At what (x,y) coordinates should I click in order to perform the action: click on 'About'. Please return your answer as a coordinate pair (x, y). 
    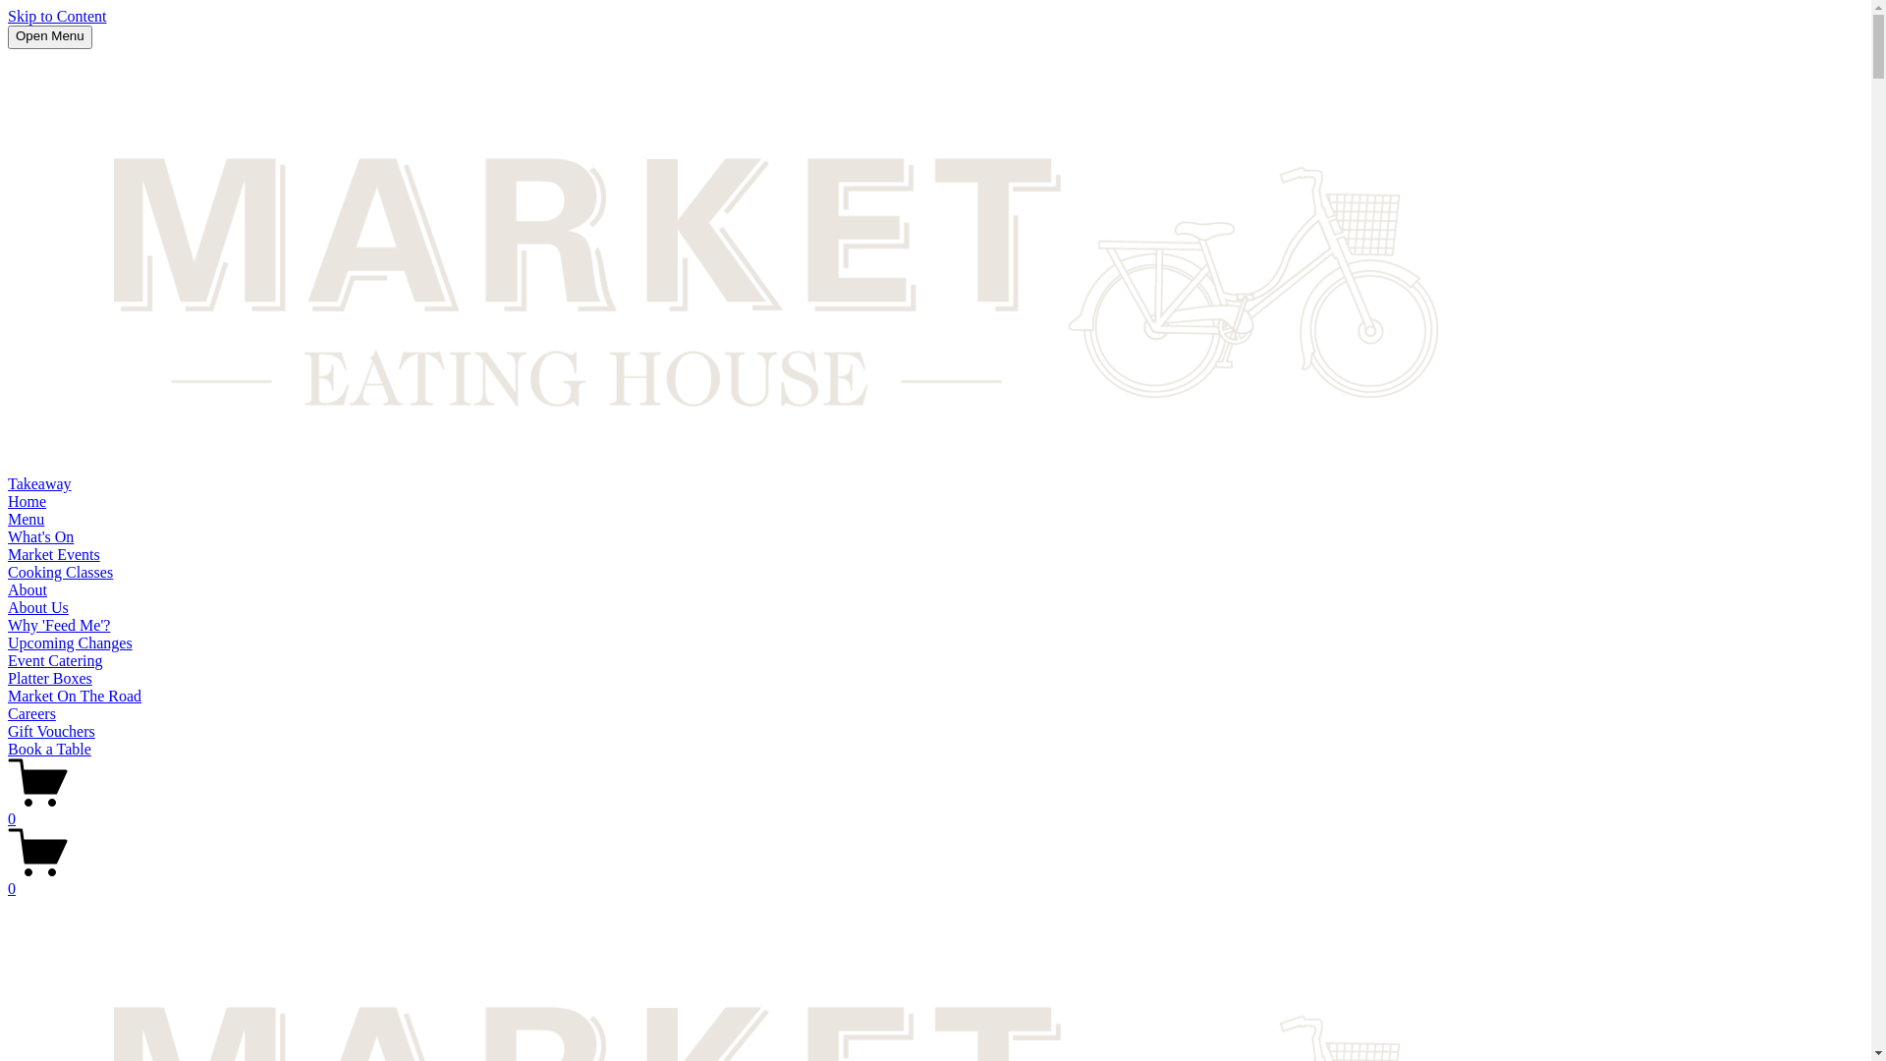
    Looking at the image, I should click on (28, 588).